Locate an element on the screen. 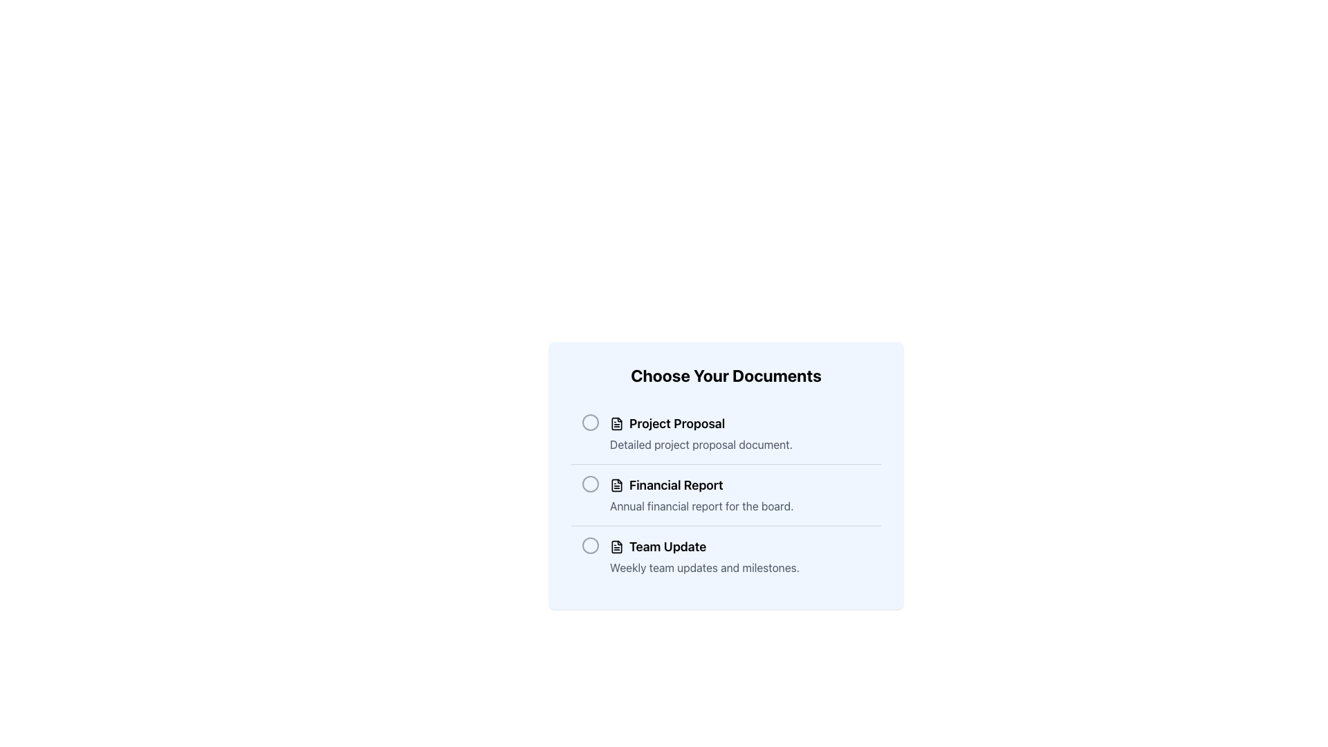 Image resolution: width=1328 pixels, height=747 pixels. the first selectable list item with a radio button labeled 'Project Proposal' under the heading 'Choose Your Documents' is located at coordinates (726, 433).